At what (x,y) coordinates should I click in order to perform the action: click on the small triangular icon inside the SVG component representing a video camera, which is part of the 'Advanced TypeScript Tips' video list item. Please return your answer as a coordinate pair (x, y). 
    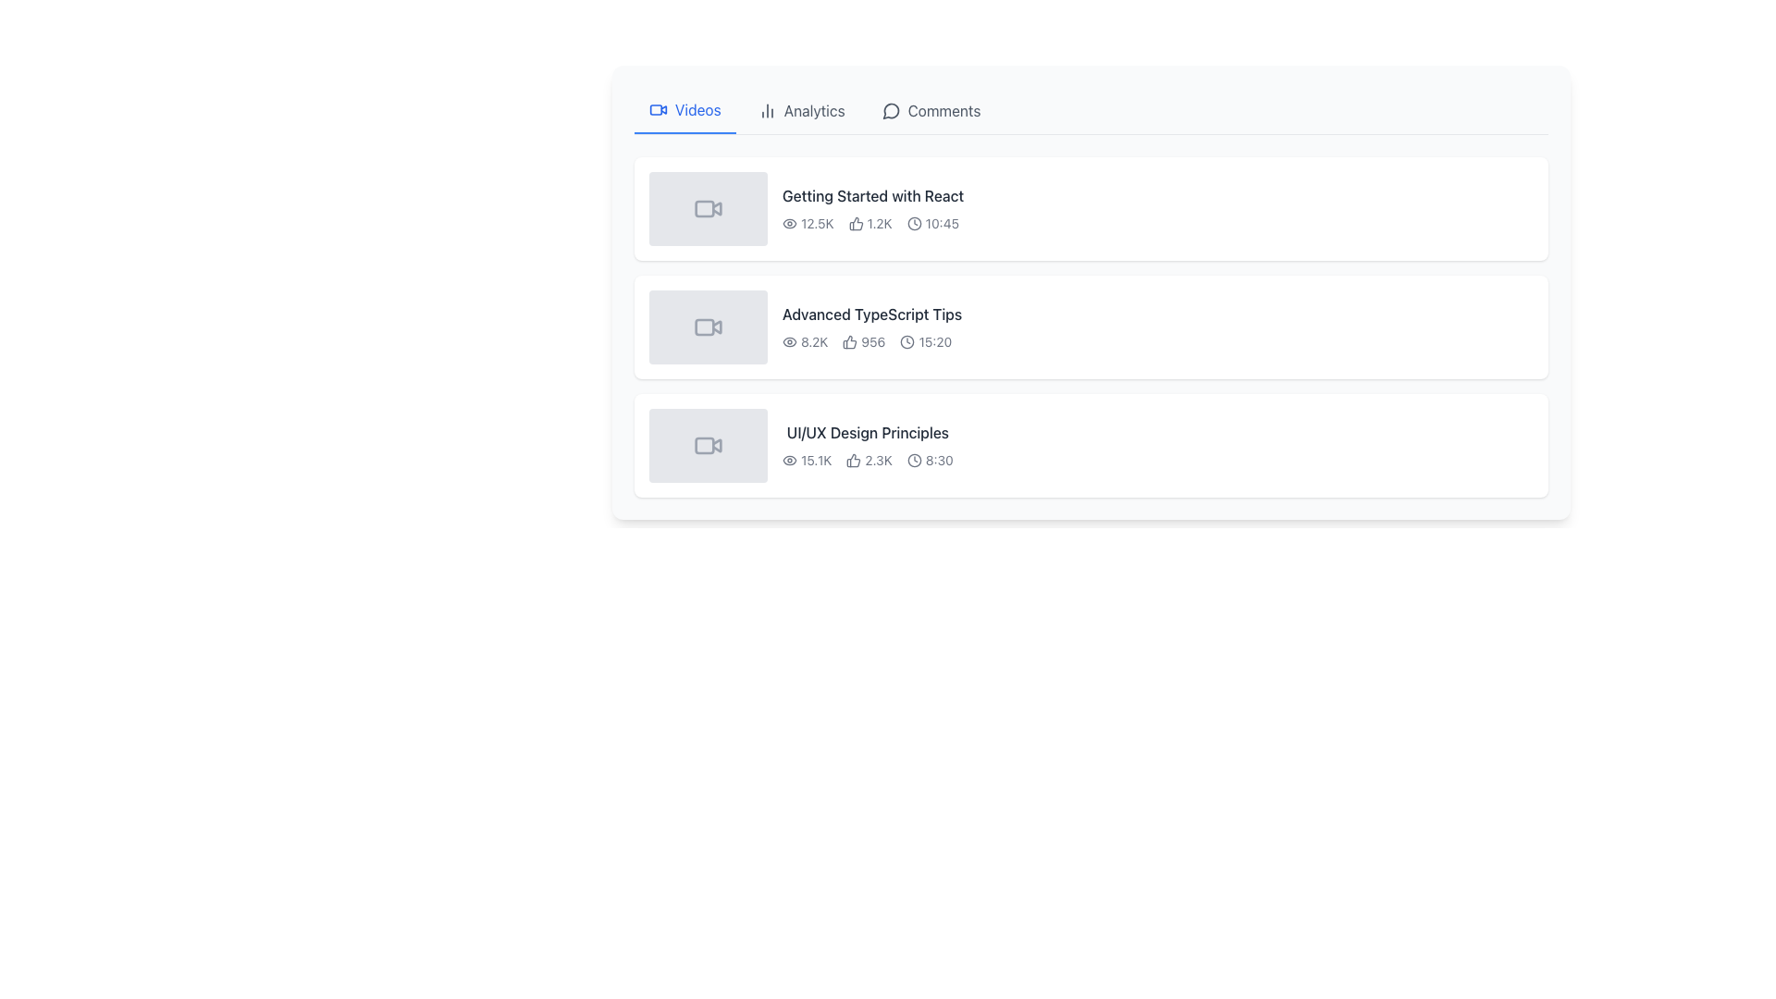
    Looking at the image, I should click on (716, 326).